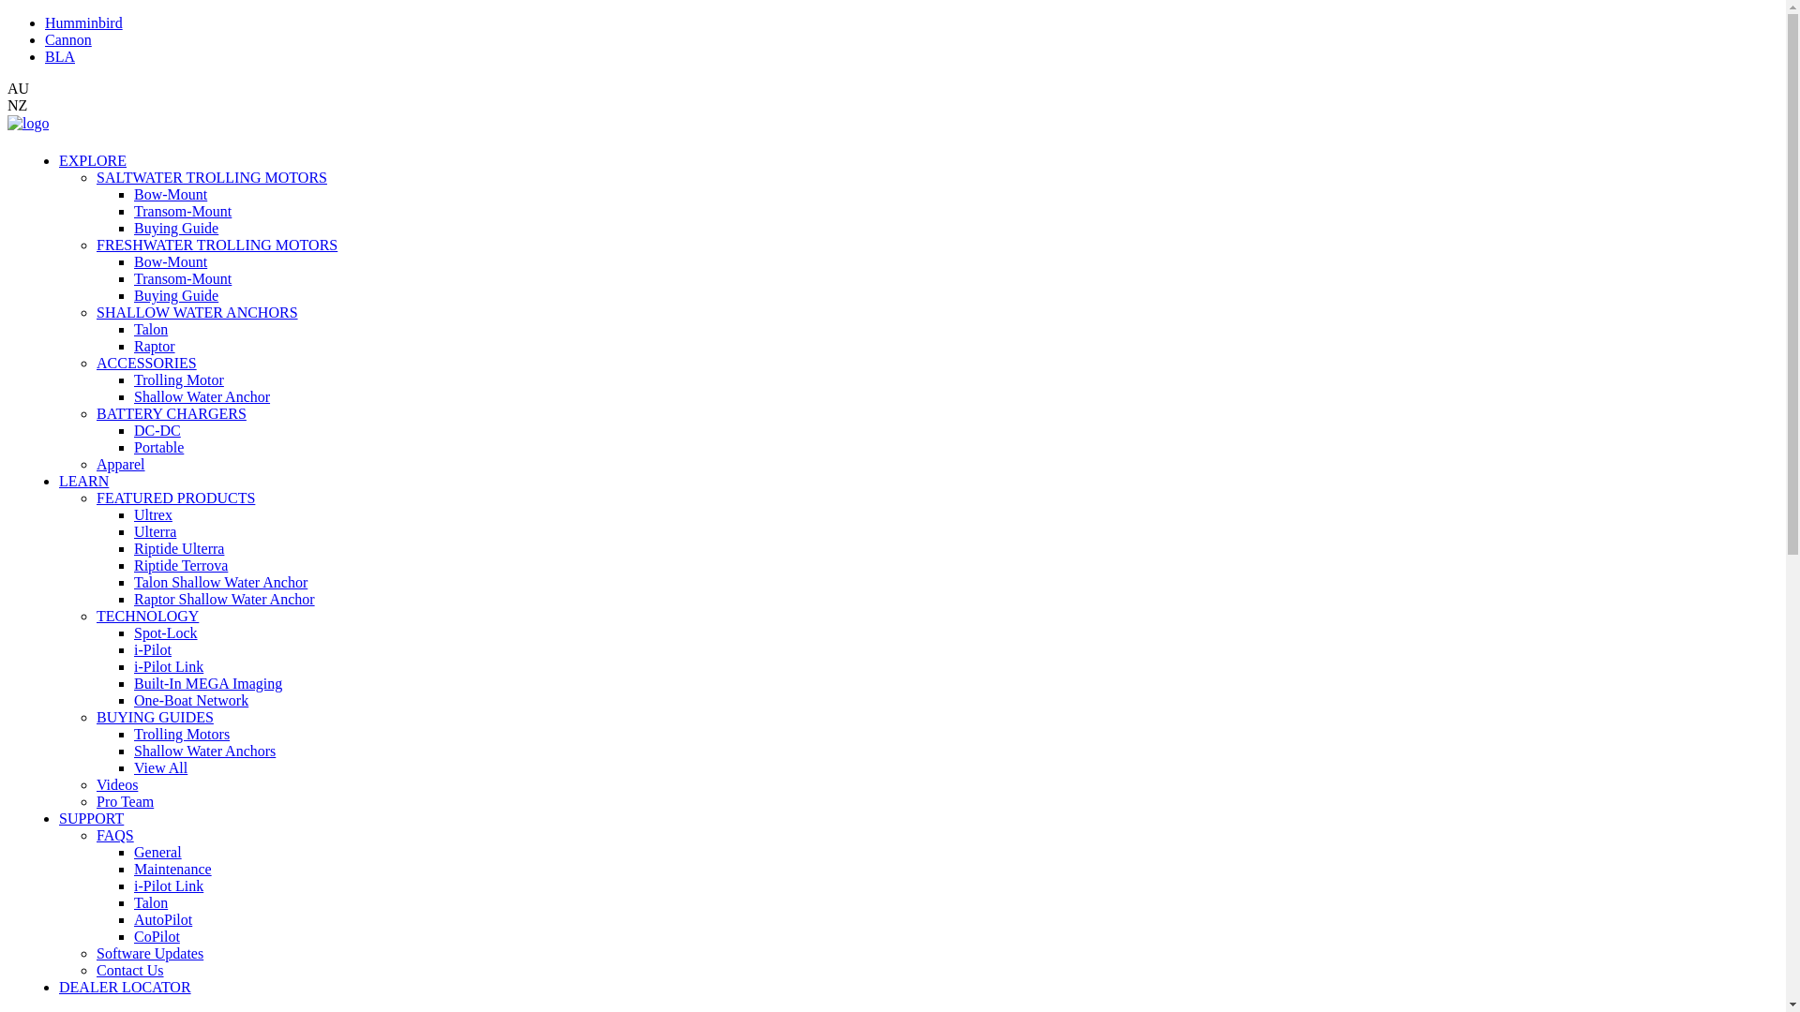  What do you see at coordinates (175, 295) in the screenshot?
I see `'Buying Guide'` at bounding box center [175, 295].